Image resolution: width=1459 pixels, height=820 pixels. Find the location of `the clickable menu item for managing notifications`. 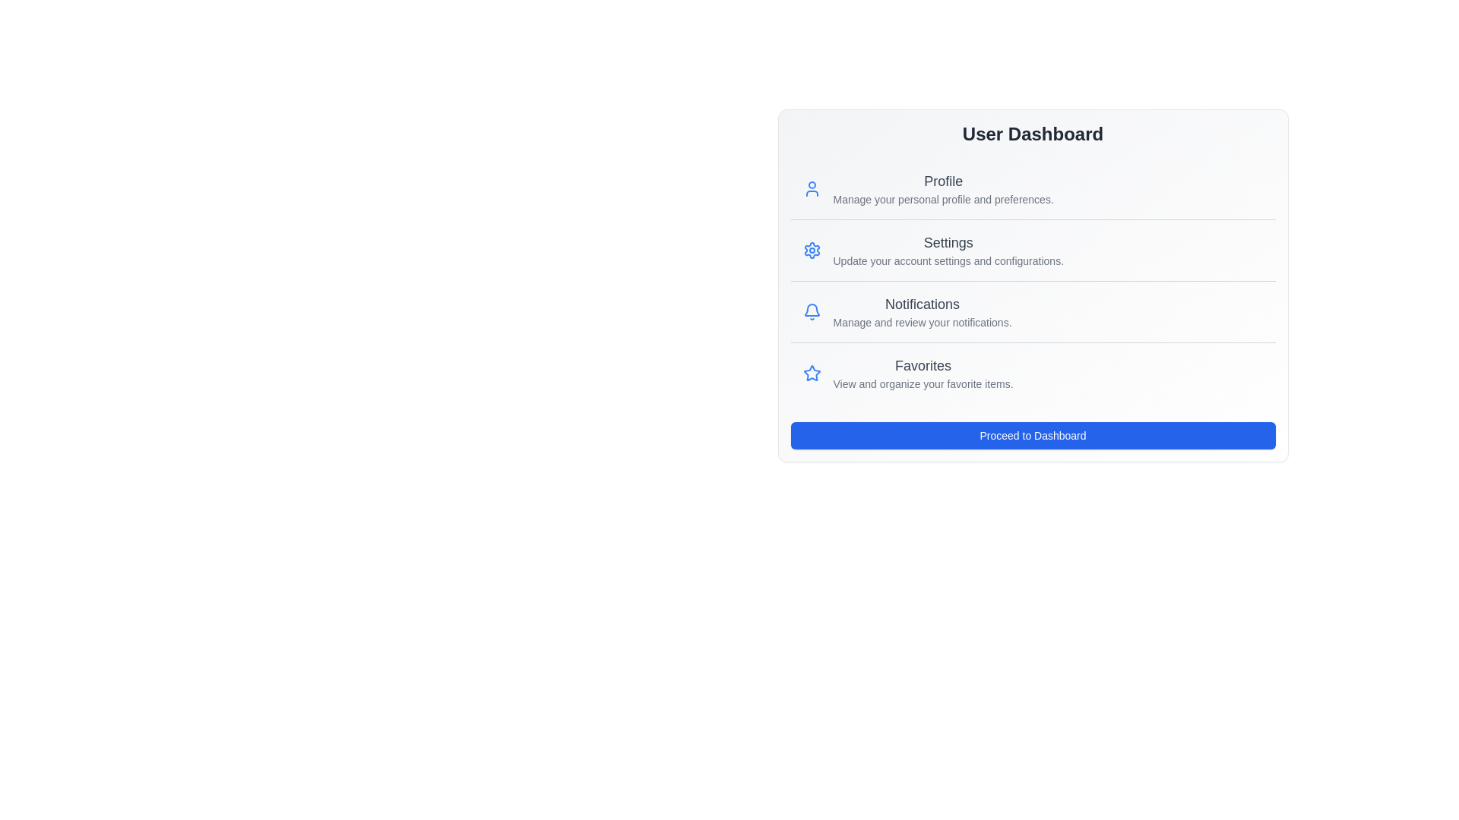

the clickable menu item for managing notifications is located at coordinates (1033, 311).